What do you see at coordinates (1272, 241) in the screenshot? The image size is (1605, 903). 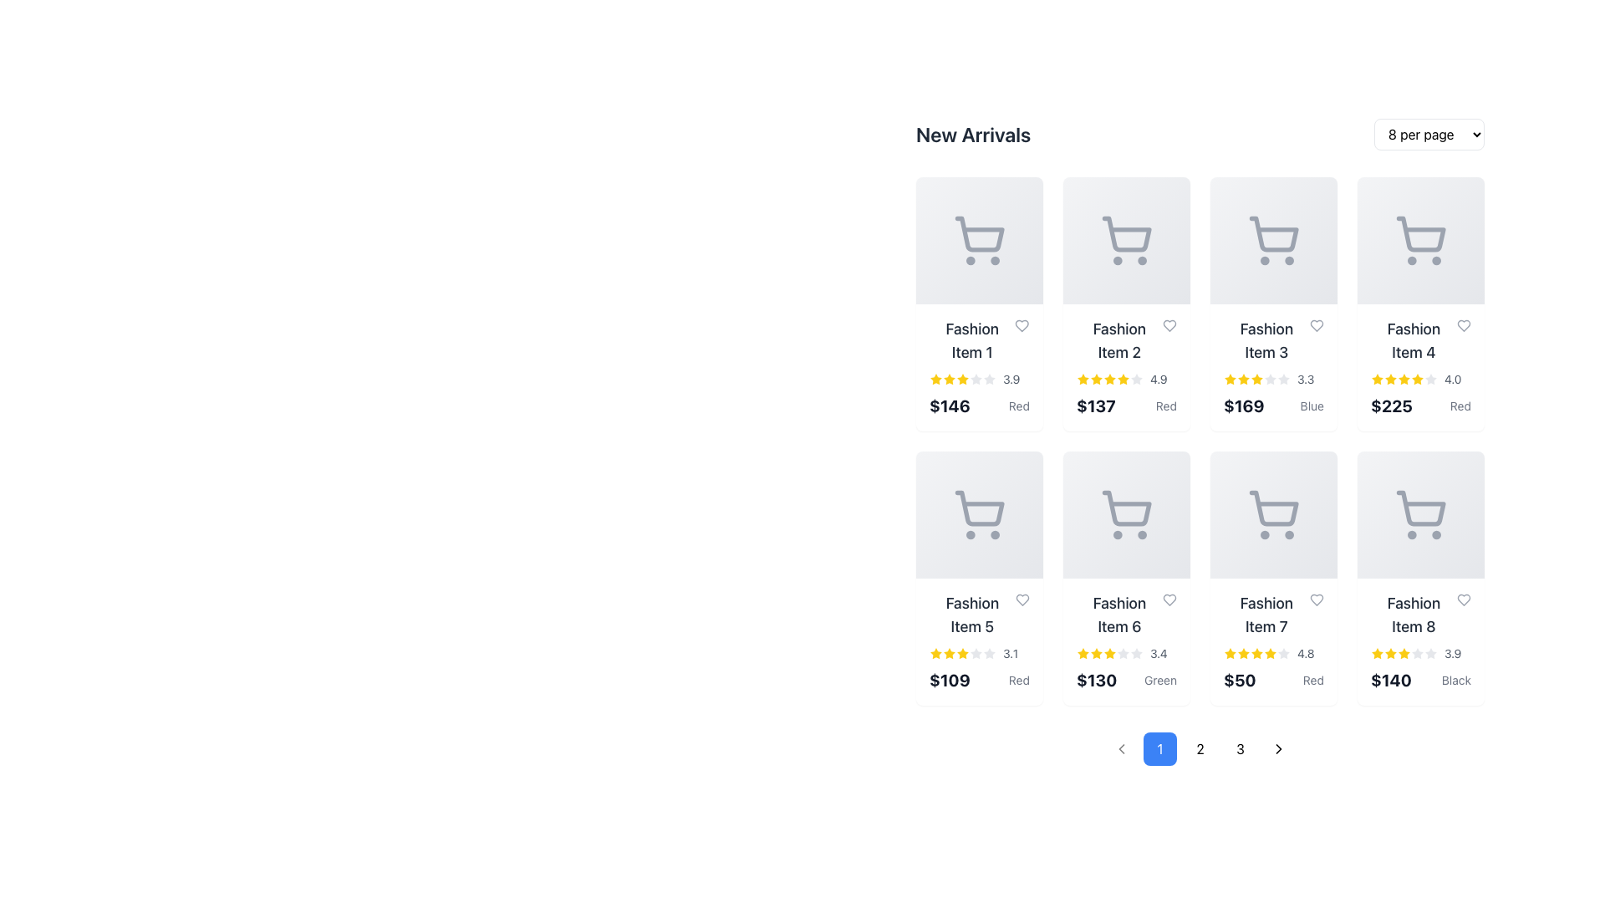 I see `the visual placeholder for the product labeled 'Fashion Item 3' with a light gray background and a shopping cart icon in the New Arrivals section` at bounding box center [1272, 241].